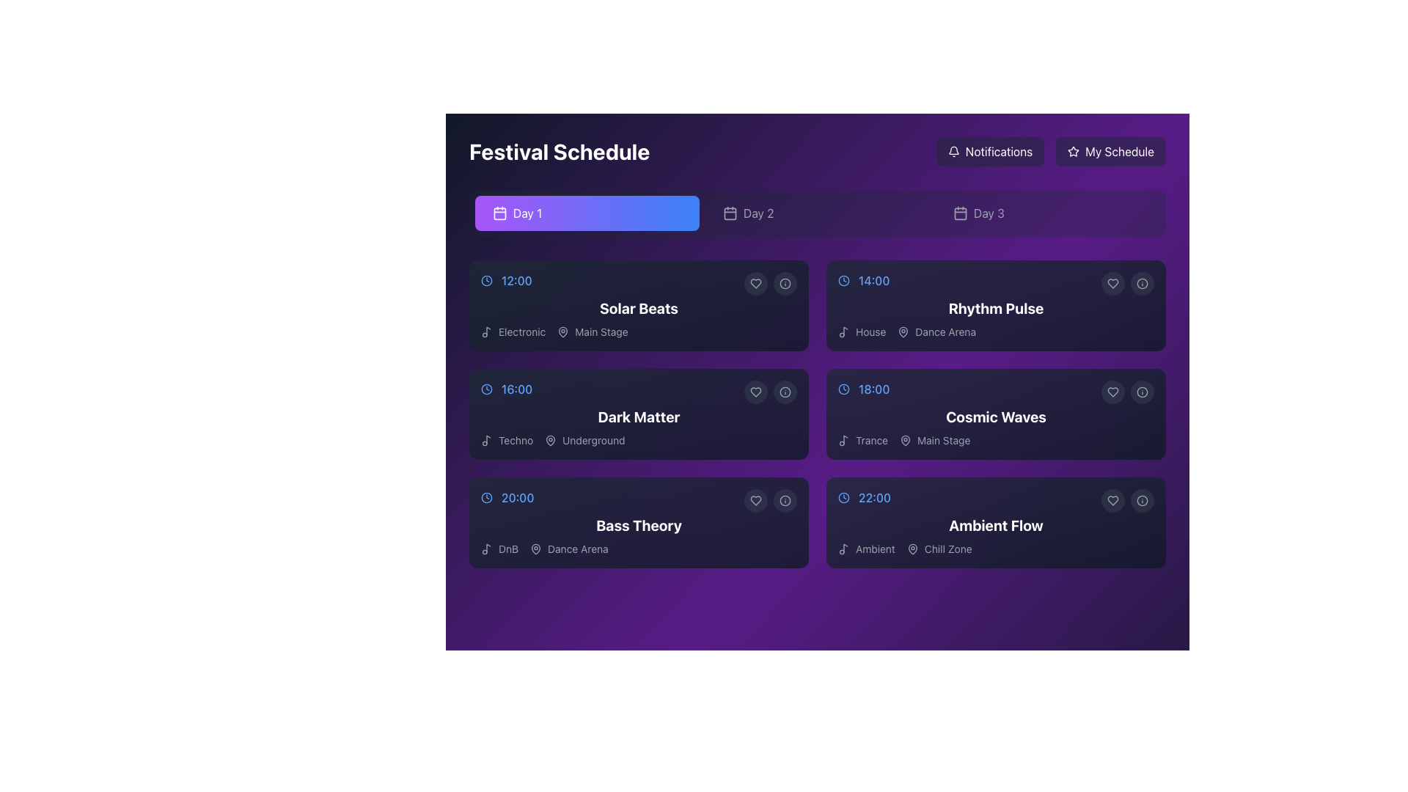 This screenshot has height=792, width=1408. What do you see at coordinates (862, 331) in the screenshot?
I see `the 'House' text label with a musical note icon in the 'Rhythm Pulse' event entry under the 'Day 1' tab to interact` at bounding box center [862, 331].